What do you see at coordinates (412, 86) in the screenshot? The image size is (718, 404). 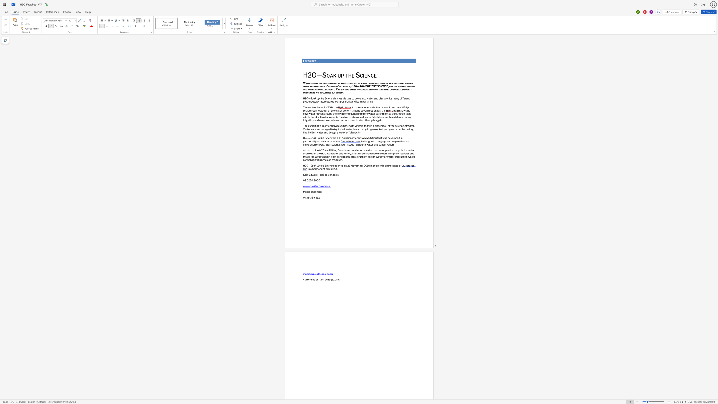 I see `the 1th character "h" in the text` at bounding box center [412, 86].